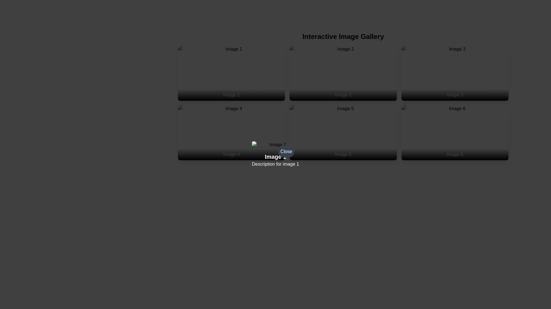 The width and height of the screenshot is (551, 309). I want to click on the thumbnail image that represents the first item in the image gallery, located at the center-bottom area of the modal interface, so click(275, 144).